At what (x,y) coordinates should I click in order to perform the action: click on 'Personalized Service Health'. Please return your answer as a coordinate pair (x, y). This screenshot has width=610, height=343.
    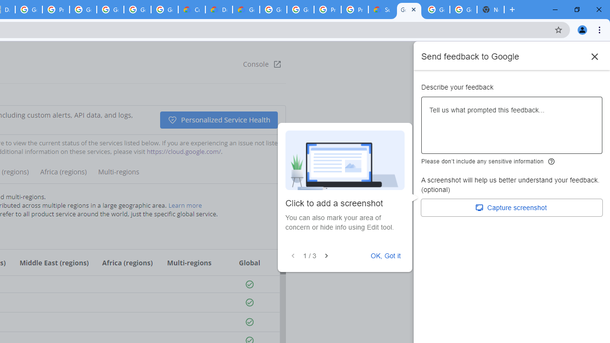
    Looking at the image, I should click on (218, 120).